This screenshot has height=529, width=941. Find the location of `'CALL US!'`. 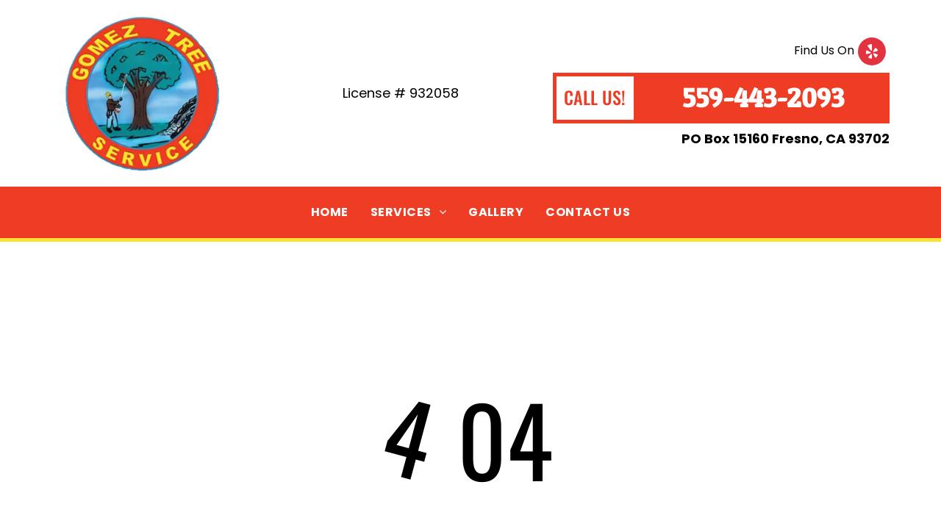

'CALL US!' is located at coordinates (562, 96).